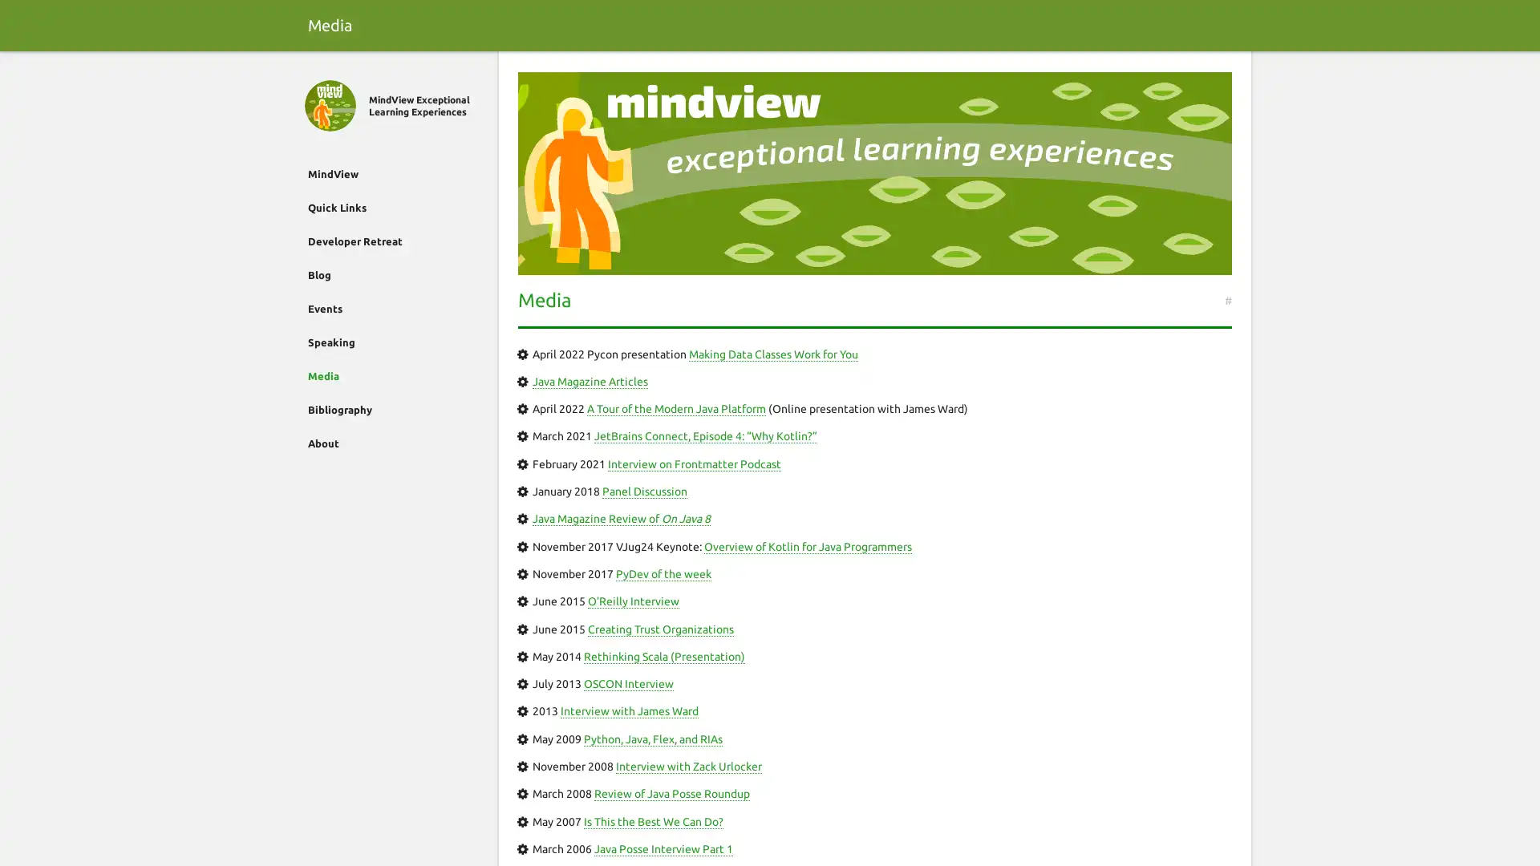 The width and height of the screenshot is (1540, 866). Describe the element at coordinates (1224, 70) in the screenshot. I see `Search` at that location.